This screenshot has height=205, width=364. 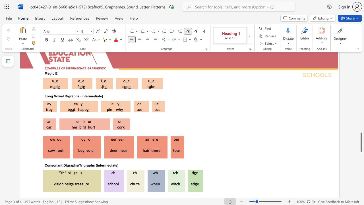 What do you see at coordinates (361, 80) in the screenshot?
I see `the scrollbar on the right to shift the page higher` at bounding box center [361, 80].